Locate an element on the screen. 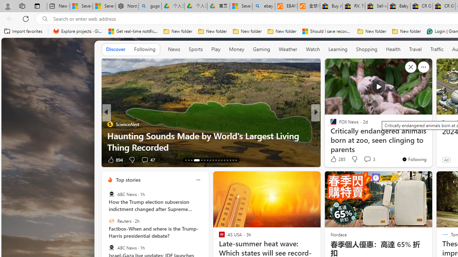 The height and width of the screenshot is (257, 458). '8 Like' is located at coordinates (332, 159).